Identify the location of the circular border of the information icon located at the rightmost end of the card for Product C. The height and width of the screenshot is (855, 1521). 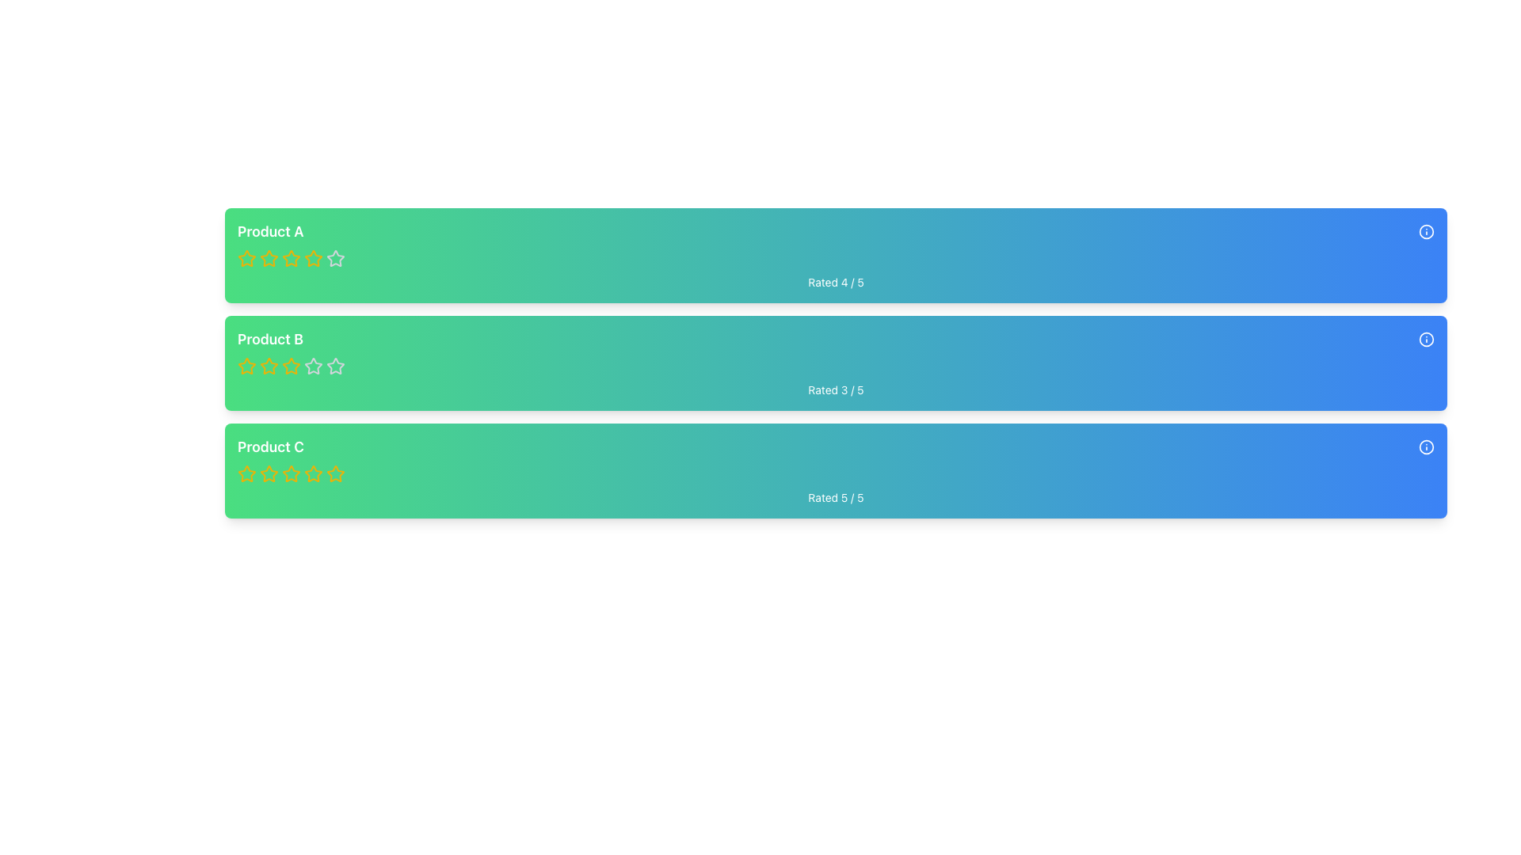
(1426, 446).